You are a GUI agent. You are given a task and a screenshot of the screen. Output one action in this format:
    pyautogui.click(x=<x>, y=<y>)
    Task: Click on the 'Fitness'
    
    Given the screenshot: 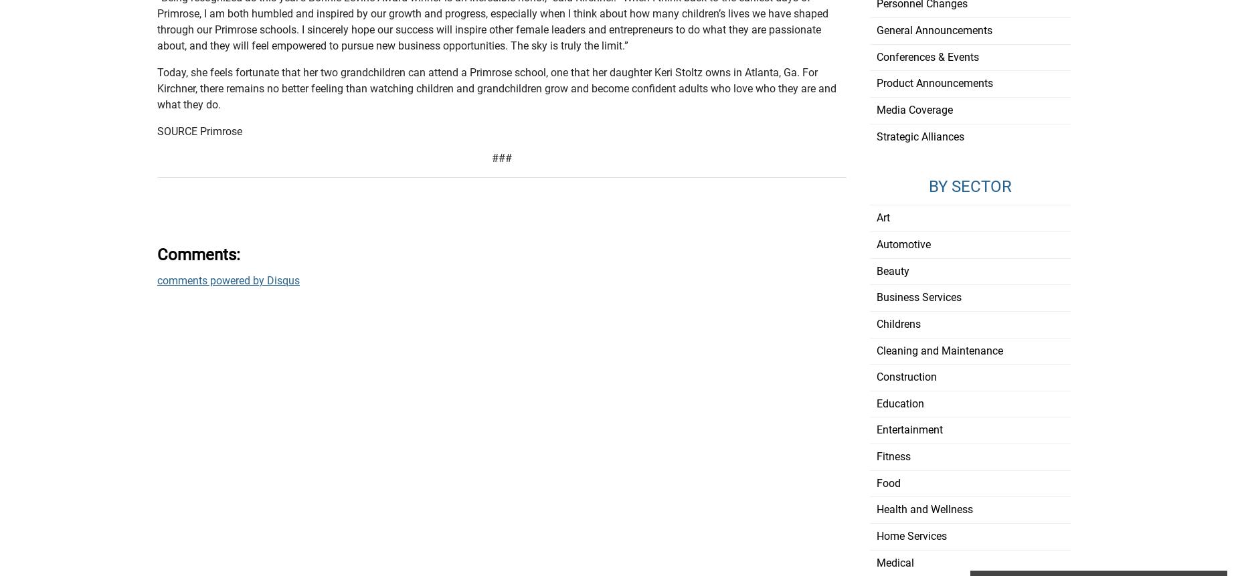 What is the action you would take?
    pyautogui.click(x=893, y=456)
    